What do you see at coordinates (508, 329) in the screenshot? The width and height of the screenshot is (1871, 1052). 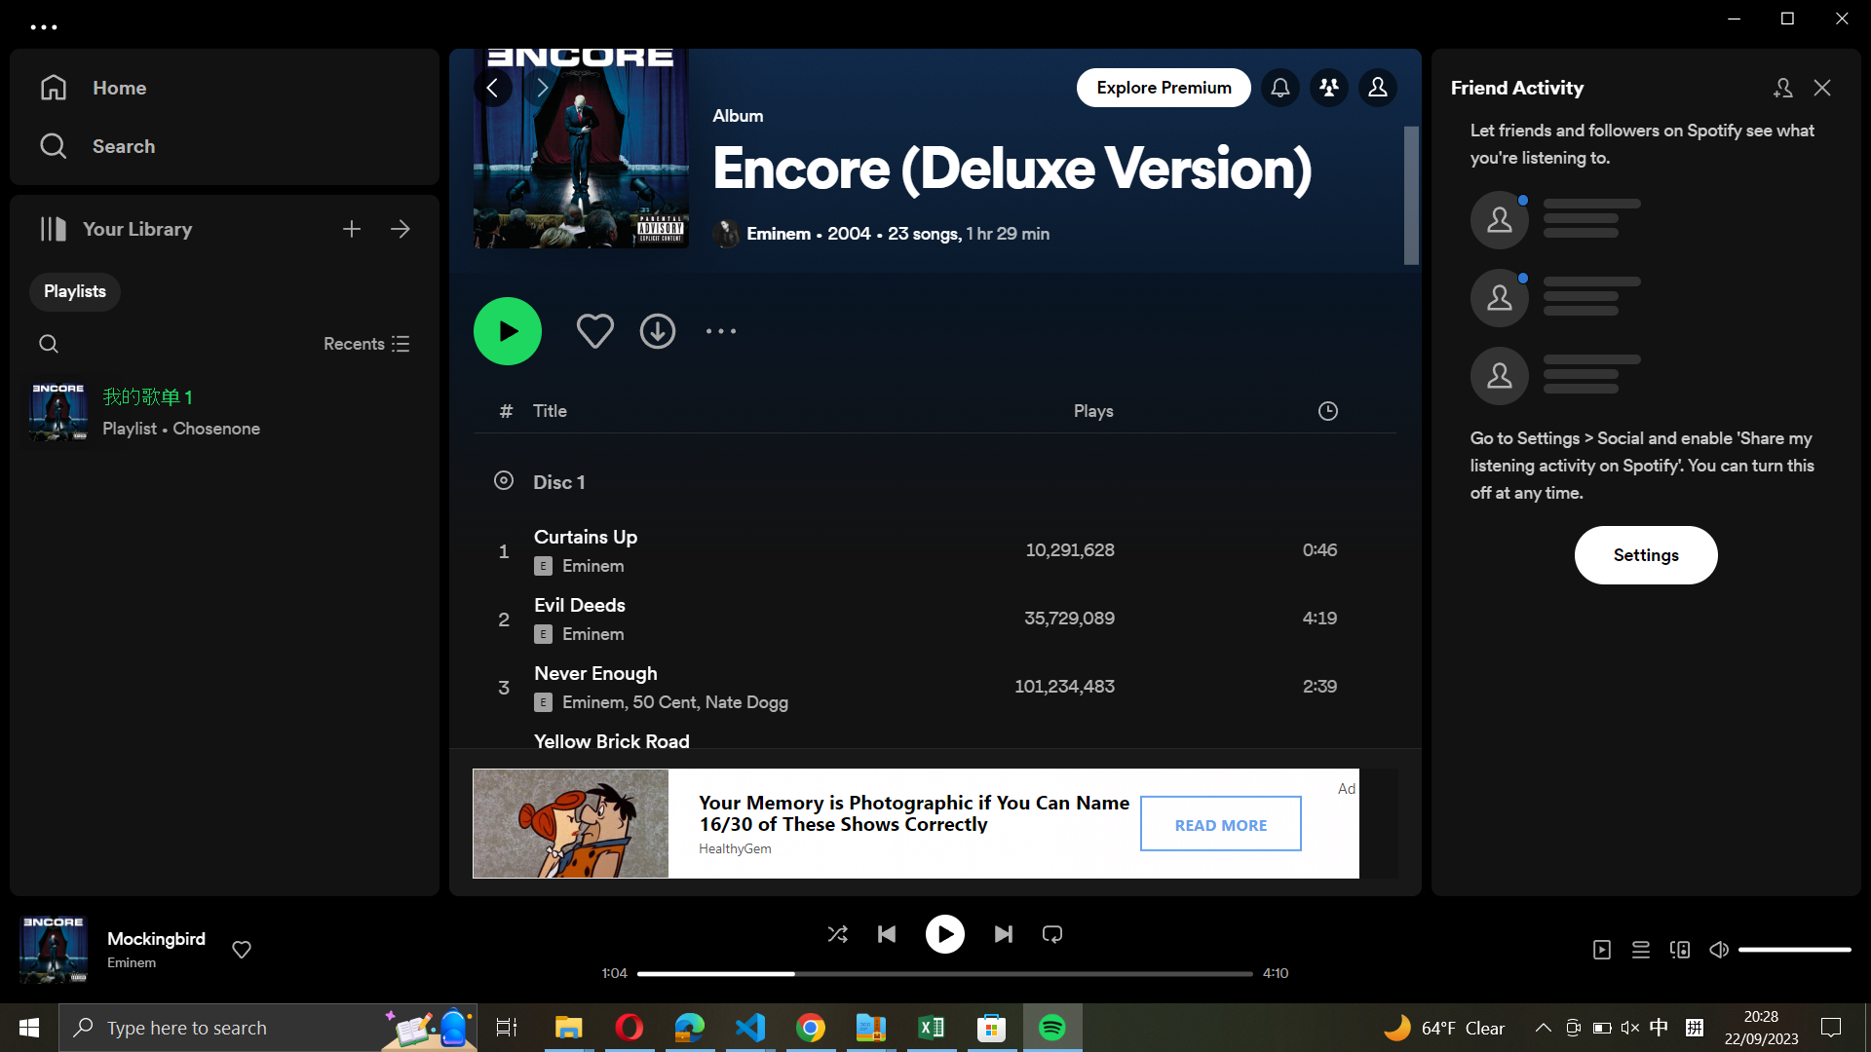 I see `Play the playlist` at bounding box center [508, 329].